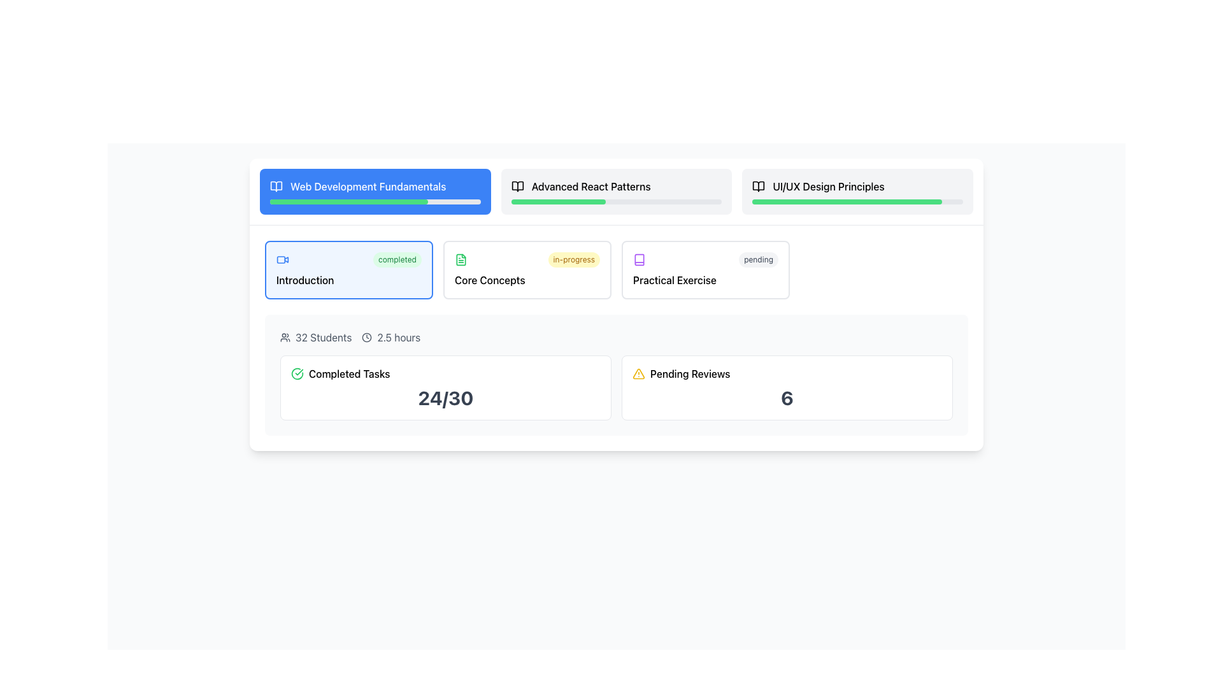  What do you see at coordinates (857, 201) in the screenshot?
I see `the progress bar that visually represents the progress for the UI/UX Design Principles section, located below the text label` at bounding box center [857, 201].